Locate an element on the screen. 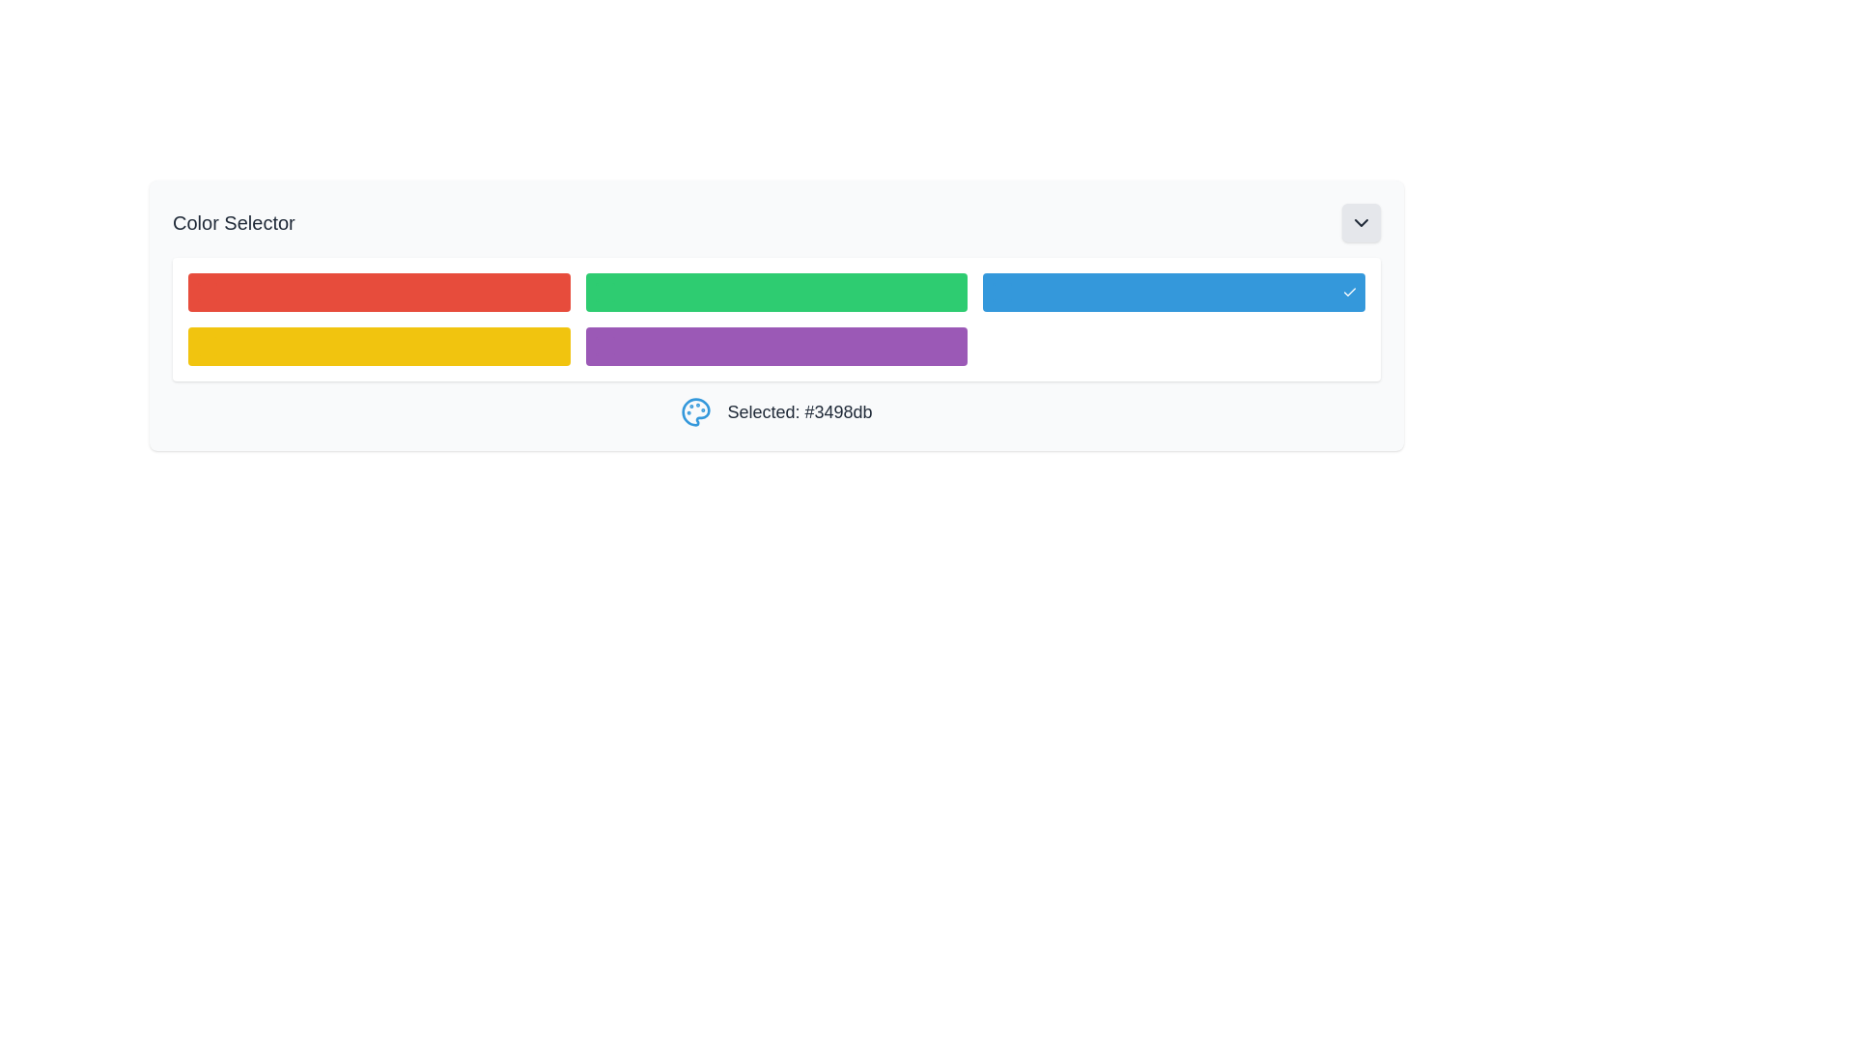  the button located in the second column of the first row of a grid, which is surrounded by buttons with red and blue backgrounds is located at coordinates (776, 293).